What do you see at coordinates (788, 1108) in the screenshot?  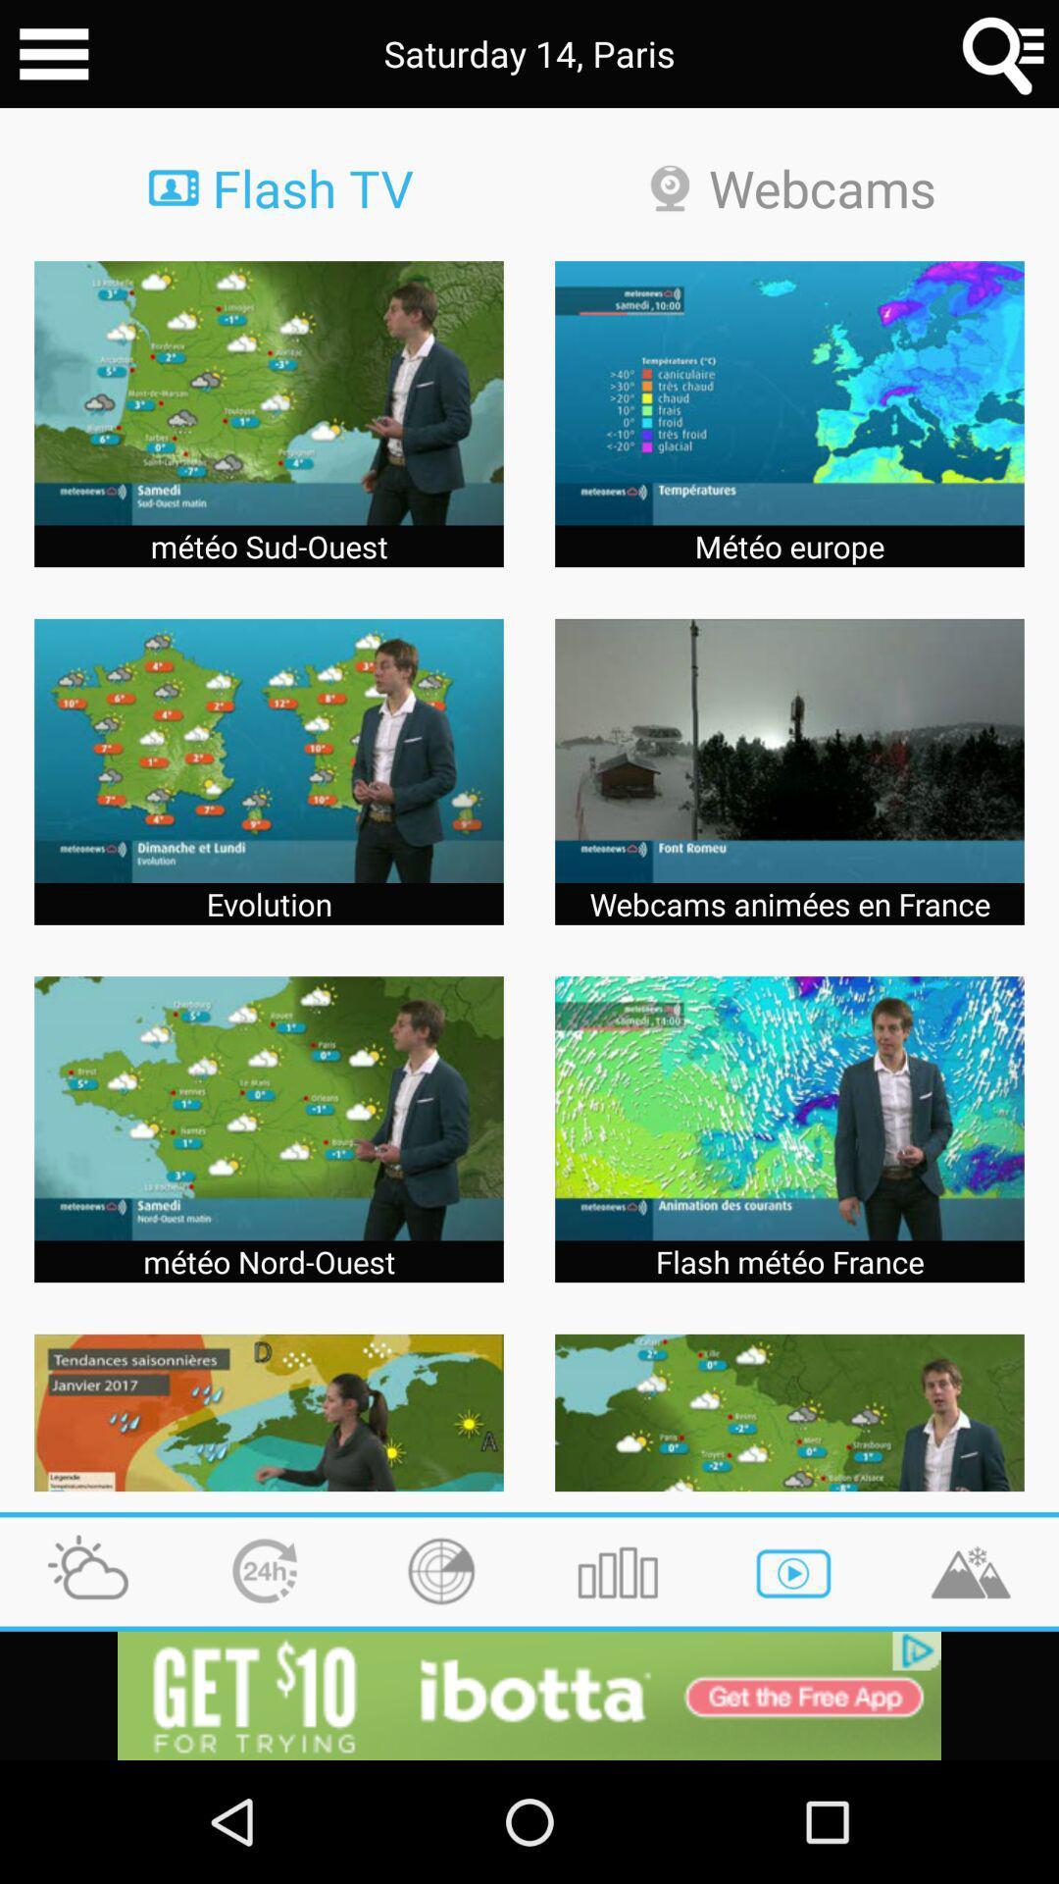 I see `the image above the text flash meteo france` at bounding box center [788, 1108].